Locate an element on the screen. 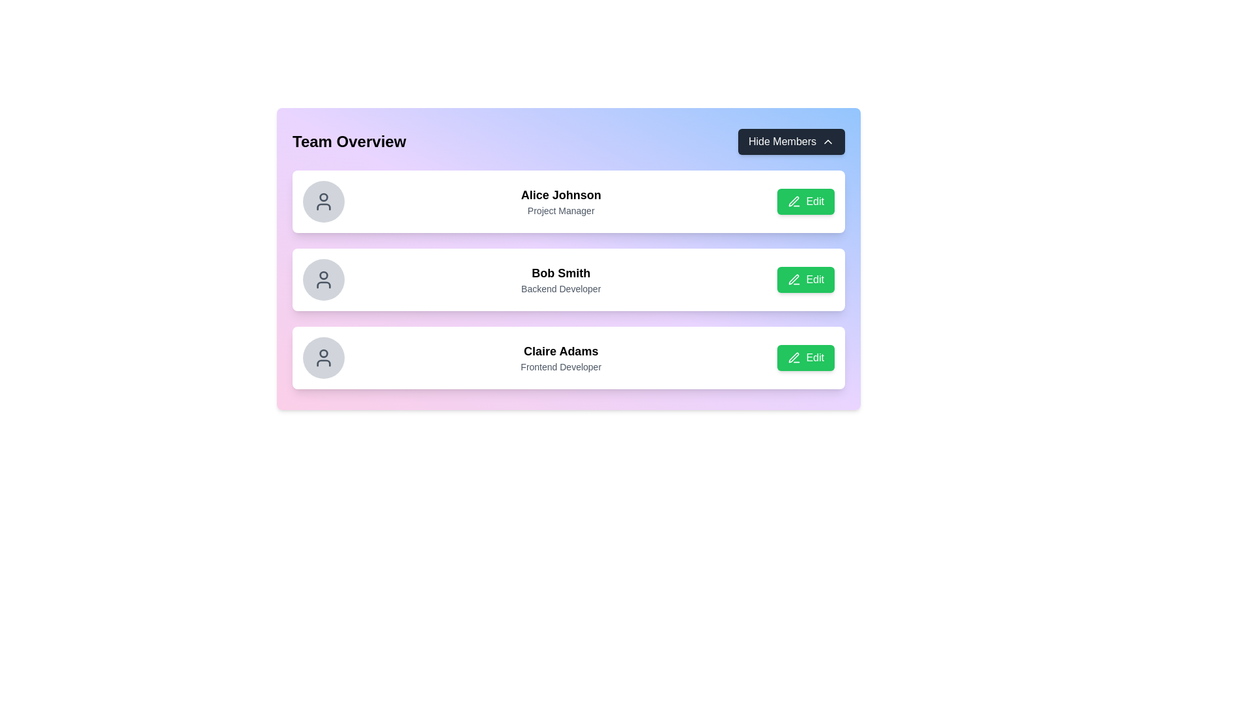 This screenshot has height=703, width=1251. the 'Edit' button, which contains the pen icon, located is located at coordinates (794, 201).